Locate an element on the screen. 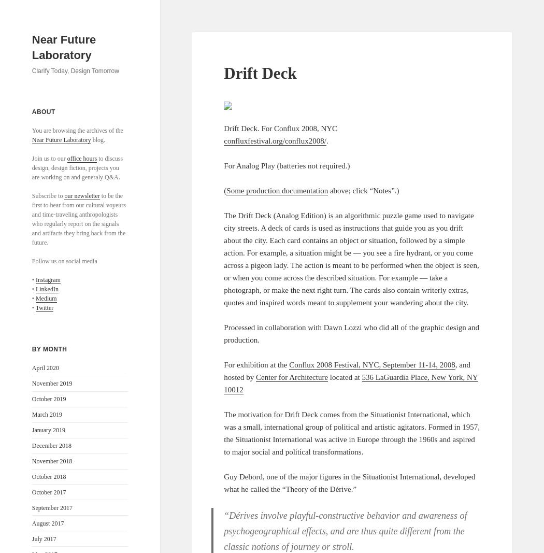  'January 2019' is located at coordinates (48, 430).